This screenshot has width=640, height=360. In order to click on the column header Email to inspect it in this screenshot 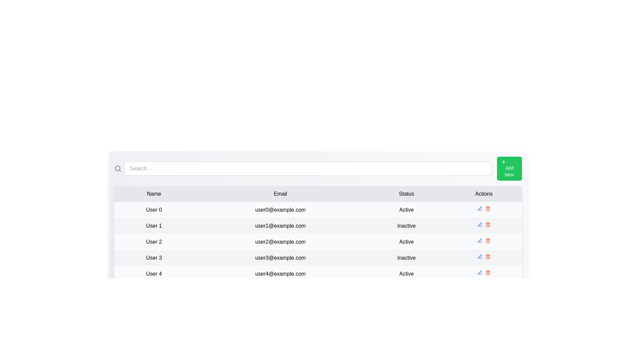, I will do `click(280, 194)`.